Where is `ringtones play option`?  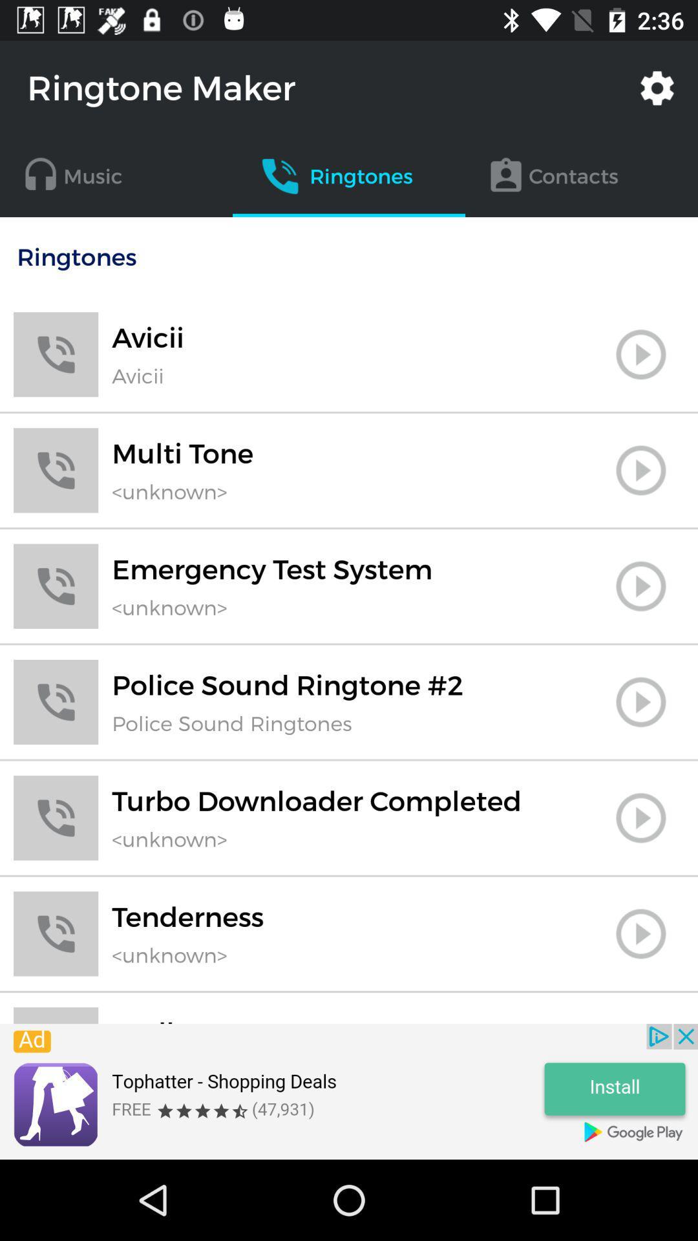 ringtones play option is located at coordinates (640, 933).